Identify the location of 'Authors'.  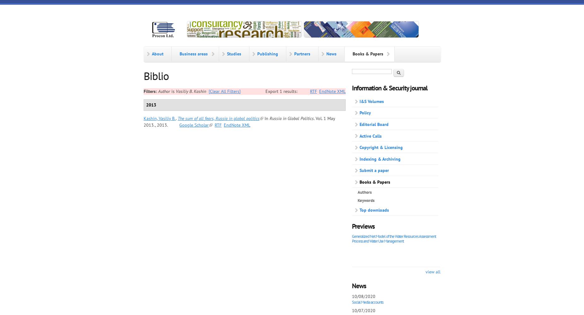
(357, 192).